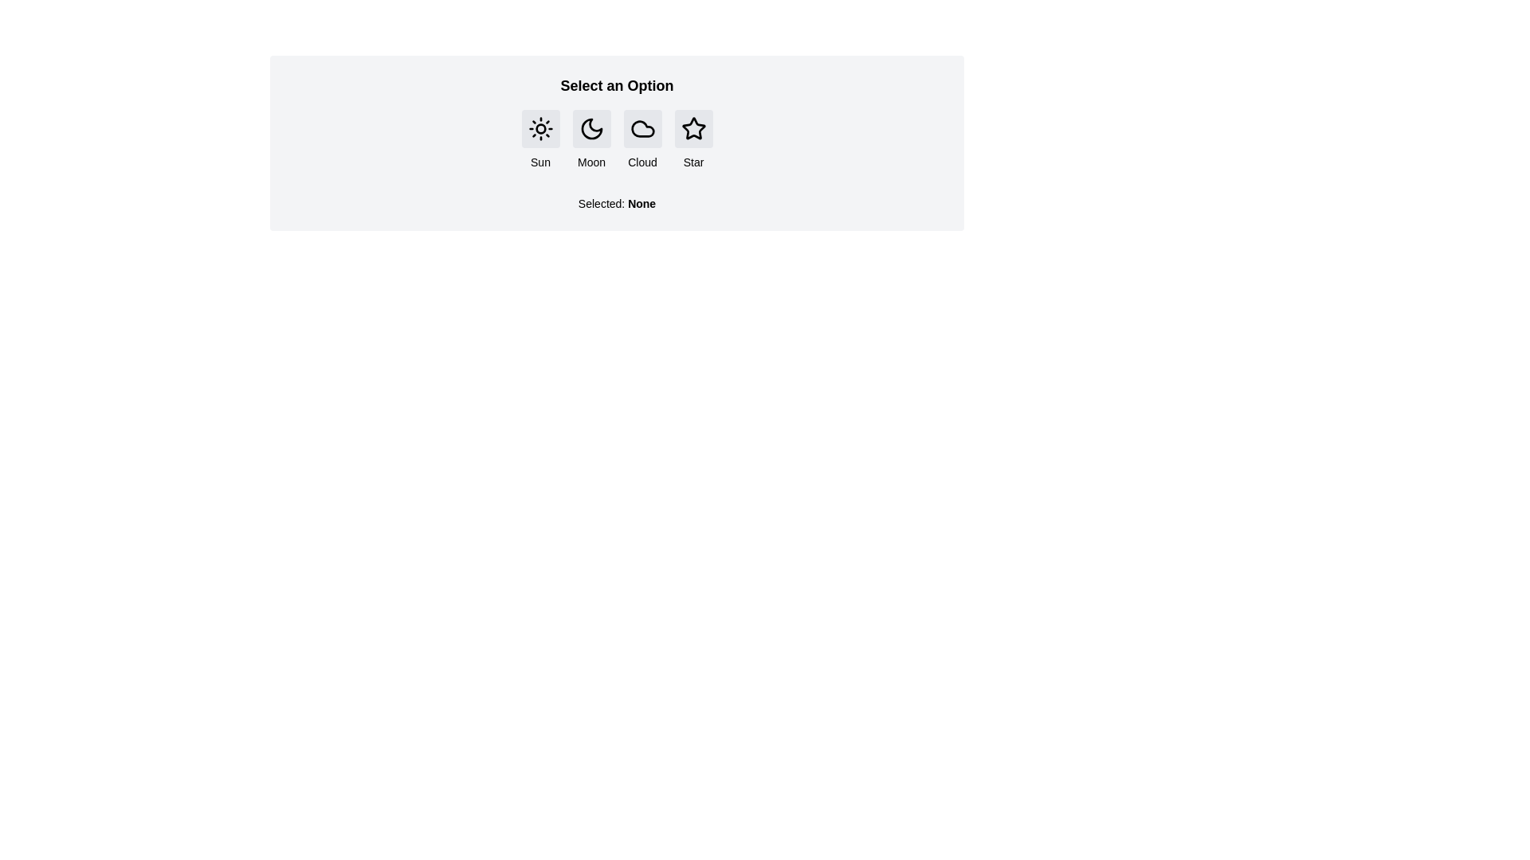 The height and width of the screenshot is (860, 1530). Describe the element at coordinates (693, 139) in the screenshot. I see `the non-interactive 'Star' button which contains a star icon and the label 'Star' below it, styled with a light gray background and black stroke` at that location.